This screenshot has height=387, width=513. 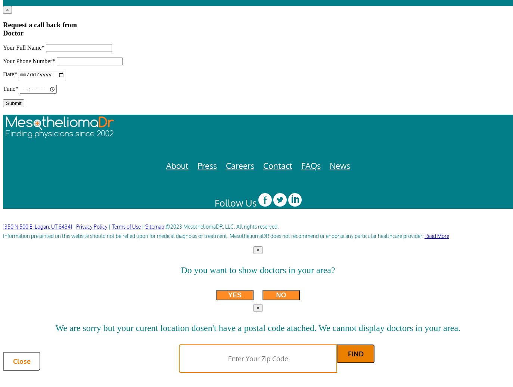 What do you see at coordinates (21, 361) in the screenshot?
I see `'close'` at bounding box center [21, 361].